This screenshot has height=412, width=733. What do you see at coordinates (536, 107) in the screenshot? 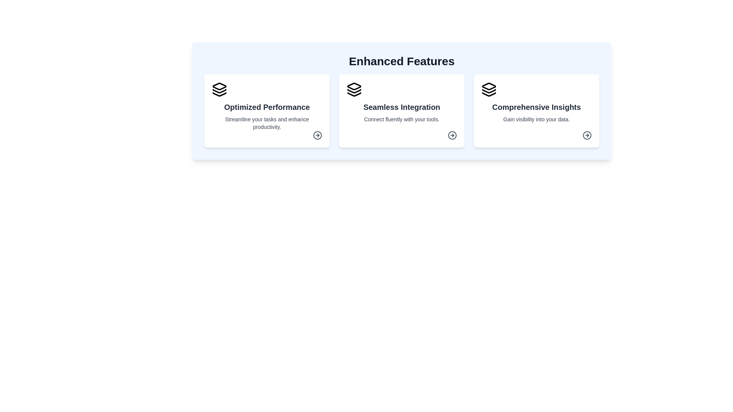
I see `the static text label that serves as a header, positioned below an icon and above a smaller text description` at bounding box center [536, 107].